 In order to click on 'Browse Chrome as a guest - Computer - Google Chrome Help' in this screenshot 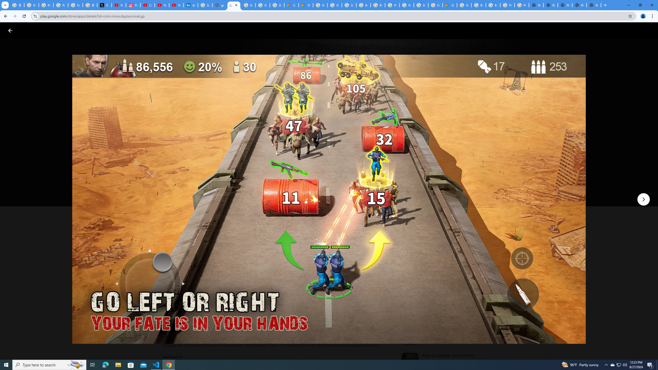, I will do `click(363, 5)`.